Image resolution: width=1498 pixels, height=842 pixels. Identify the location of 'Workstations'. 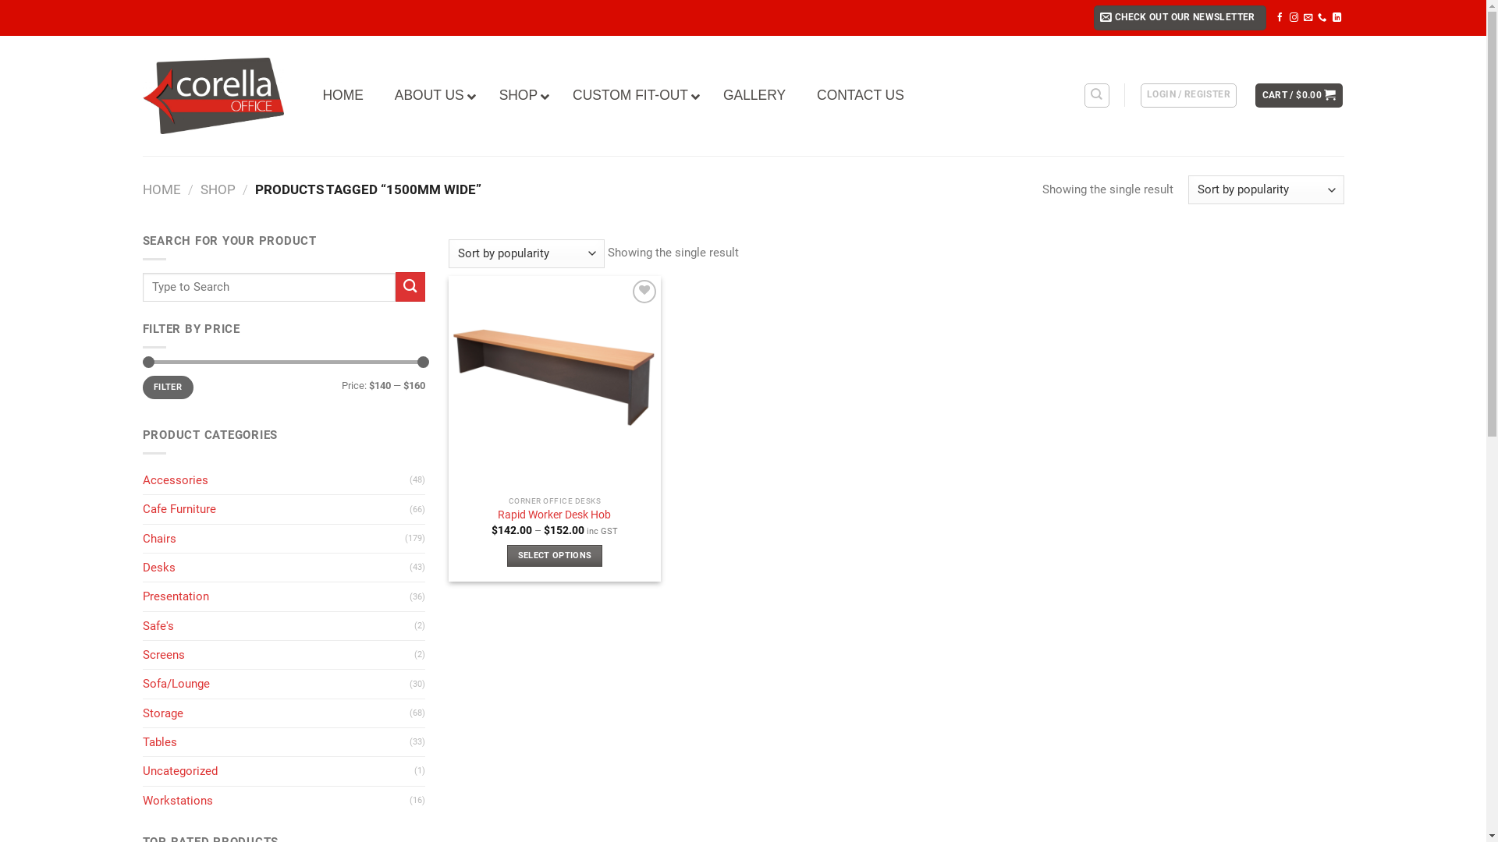
(275, 800).